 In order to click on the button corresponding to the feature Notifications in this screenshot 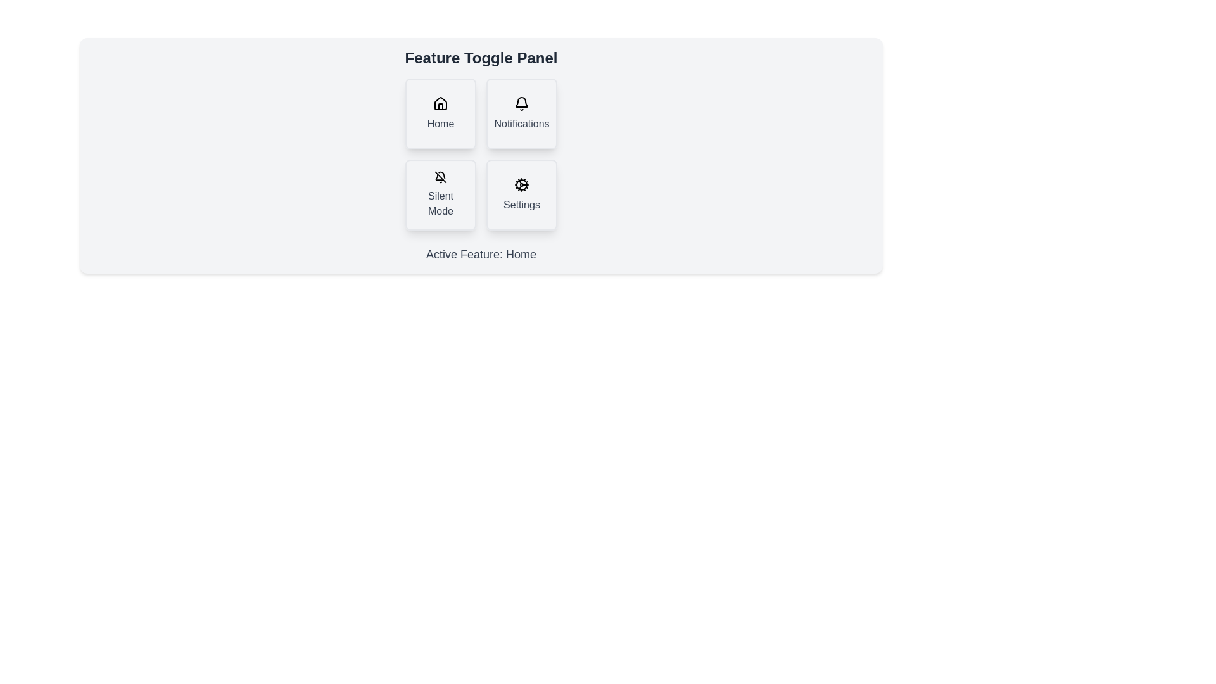, I will do `click(522, 114)`.